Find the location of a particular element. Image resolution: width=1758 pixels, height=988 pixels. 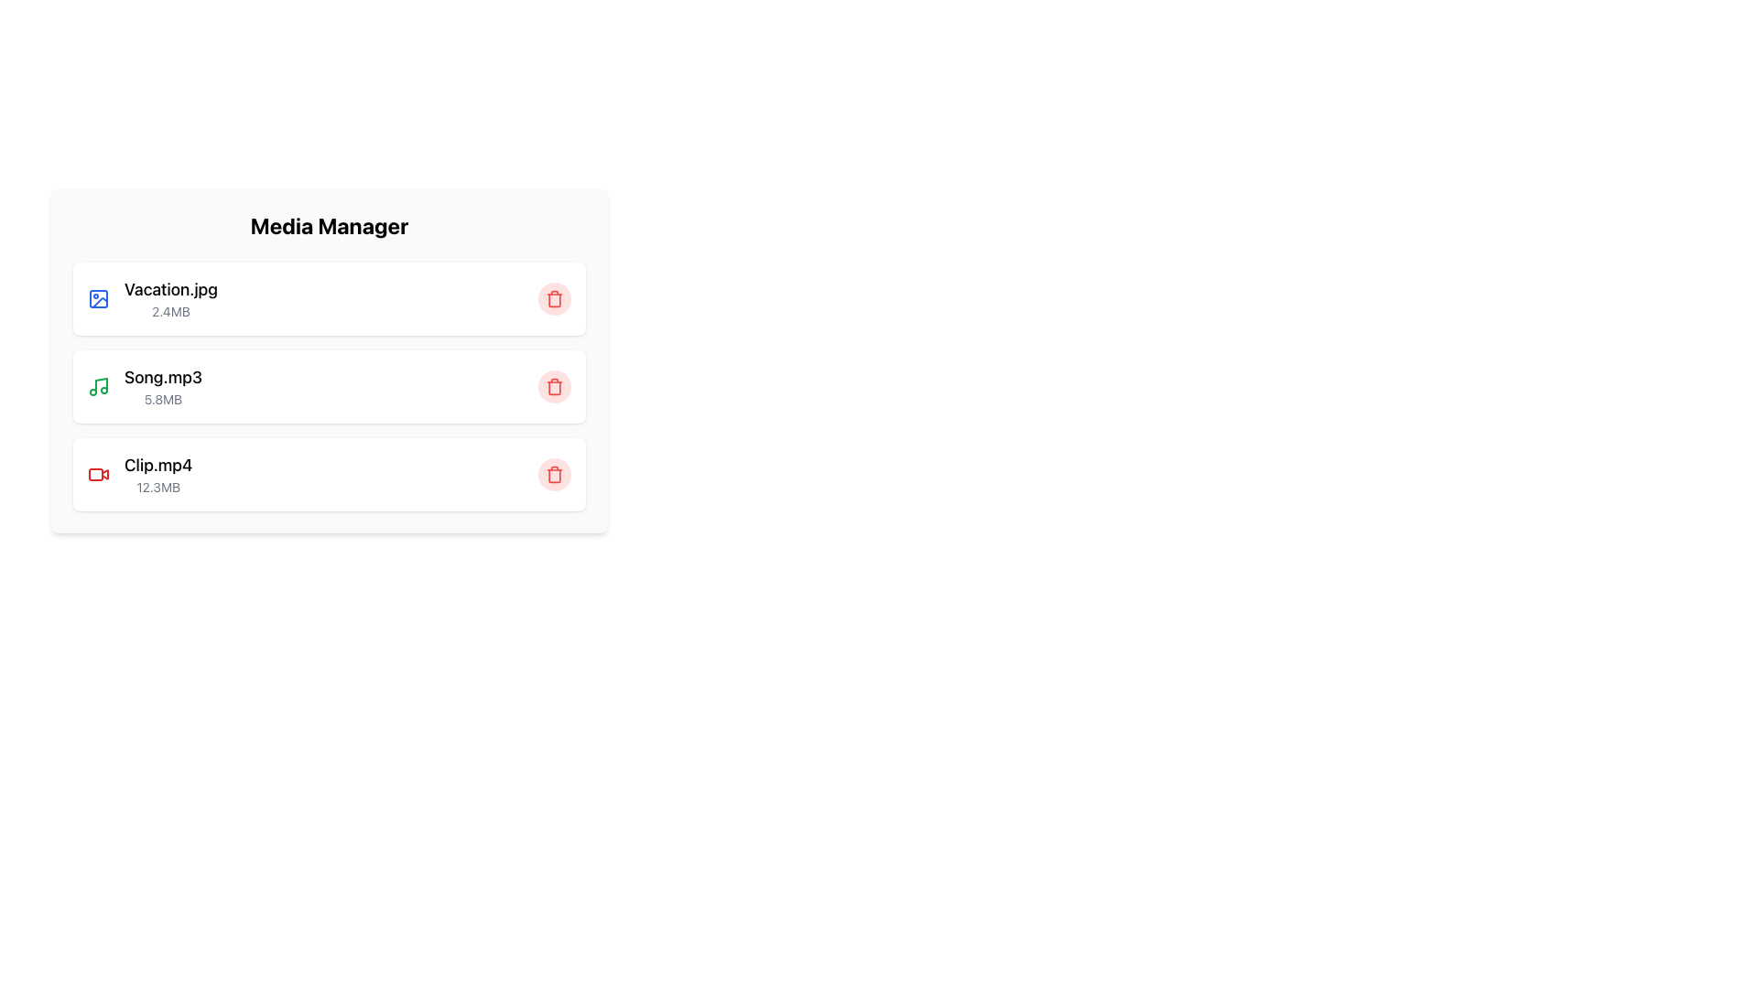

the identification label for the file located within the second file card in the Media Manager interface, which displays the file name and size, and is positioned next to the green music note icon is located at coordinates (144, 386).